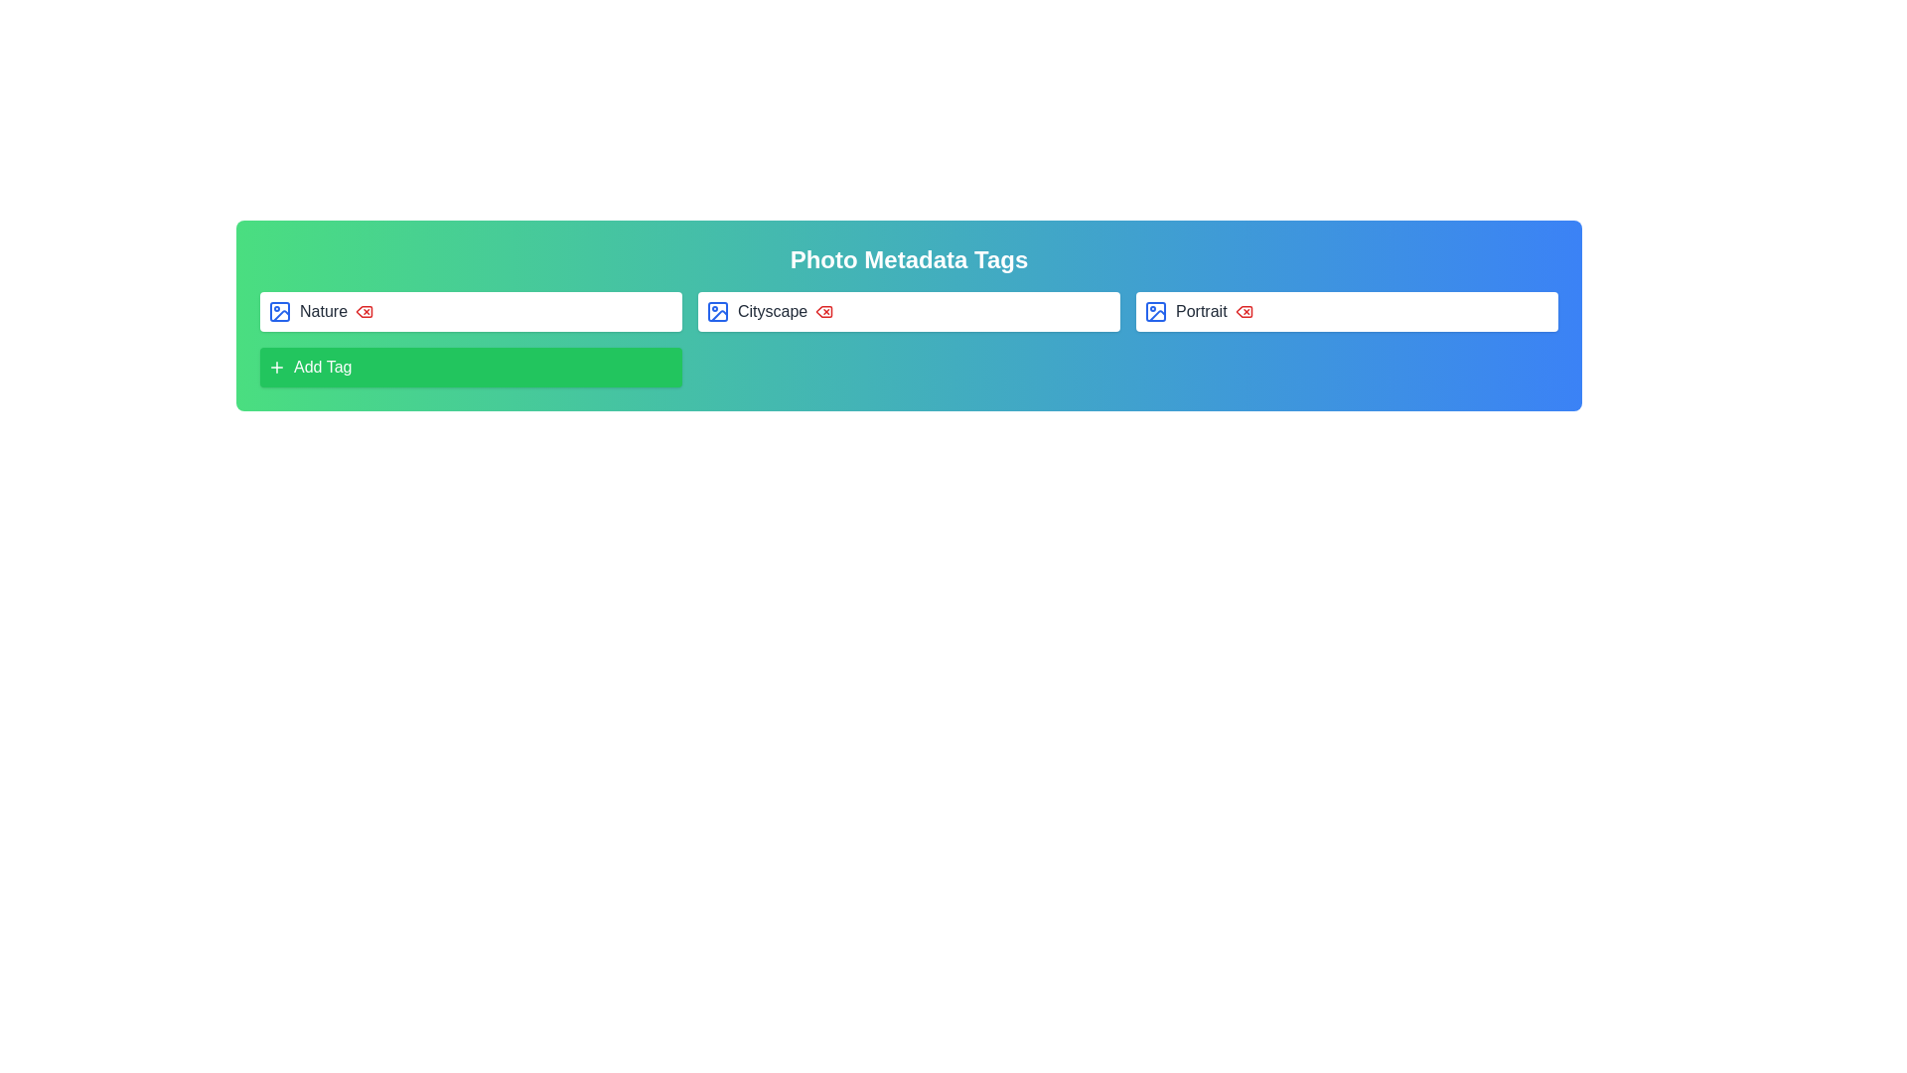 The image size is (1907, 1073). What do you see at coordinates (824, 311) in the screenshot?
I see `the delete icon located immediately to the right of the 'Cityscape' label` at bounding box center [824, 311].